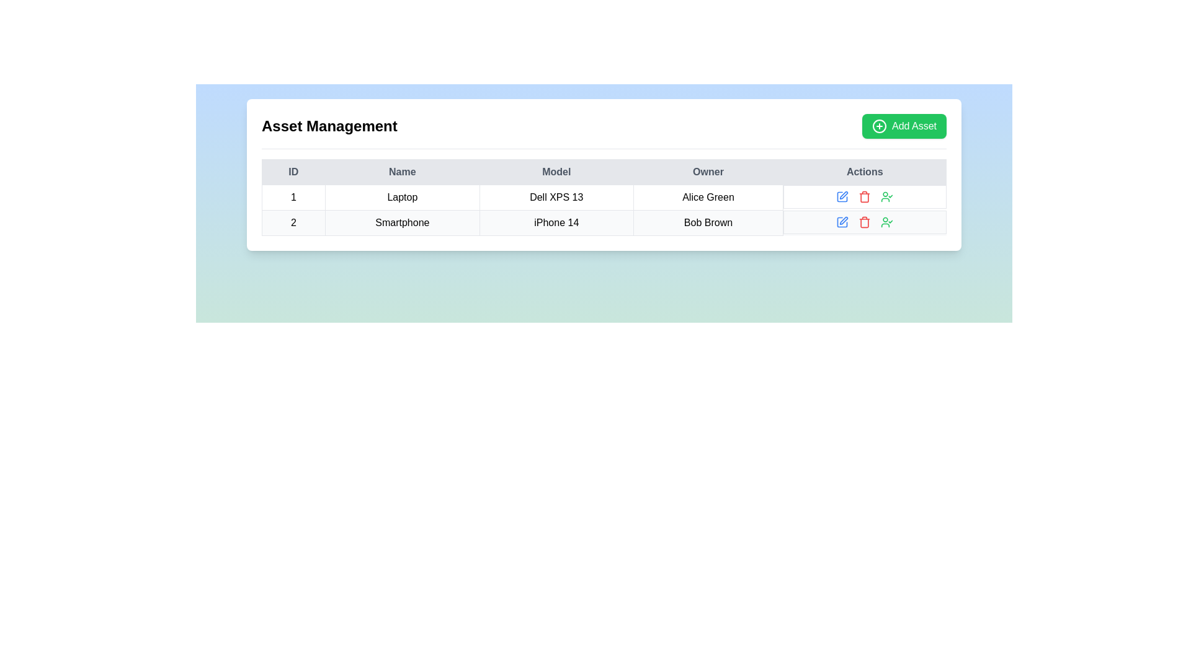 This screenshot has width=1191, height=669. What do you see at coordinates (878, 126) in the screenshot?
I see `the circular outline of the SVG graphical component located to the left of the 'Add Asset' button in the top-right area of the interface` at bounding box center [878, 126].